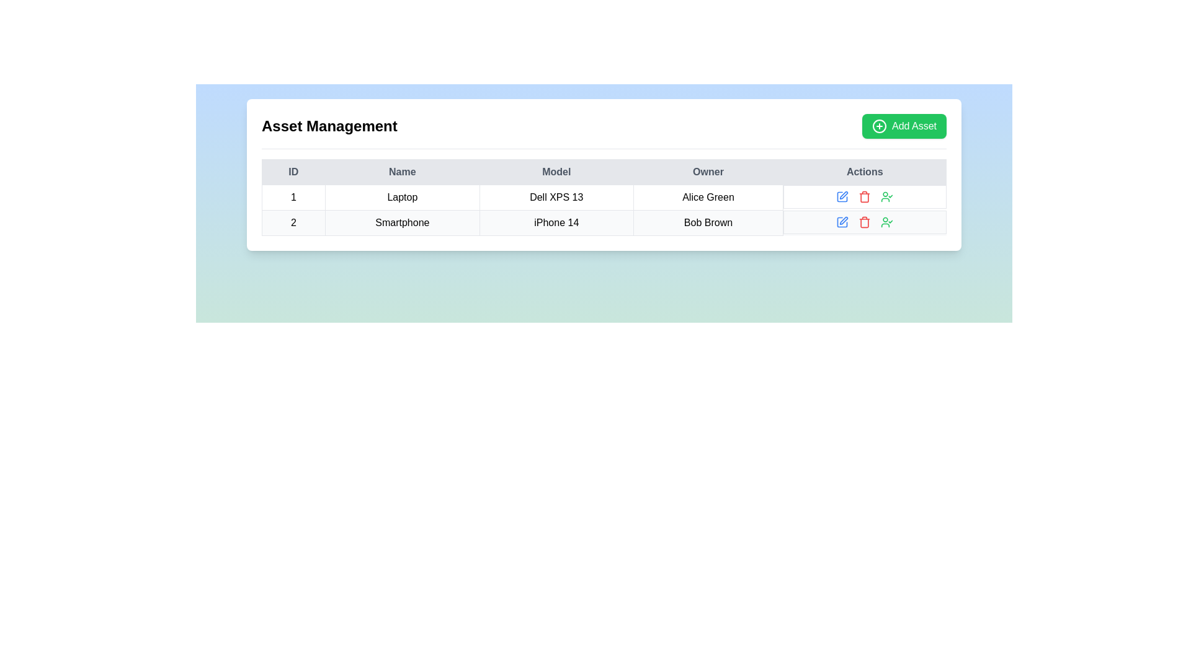 This screenshot has width=1191, height=669. What do you see at coordinates (878, 126) in the screenshot?
I see `the circular outline of the SVG graphical component located to the left of the 'Add Asset' button in the top-right area of the interface` at bounding box center [878, 126].